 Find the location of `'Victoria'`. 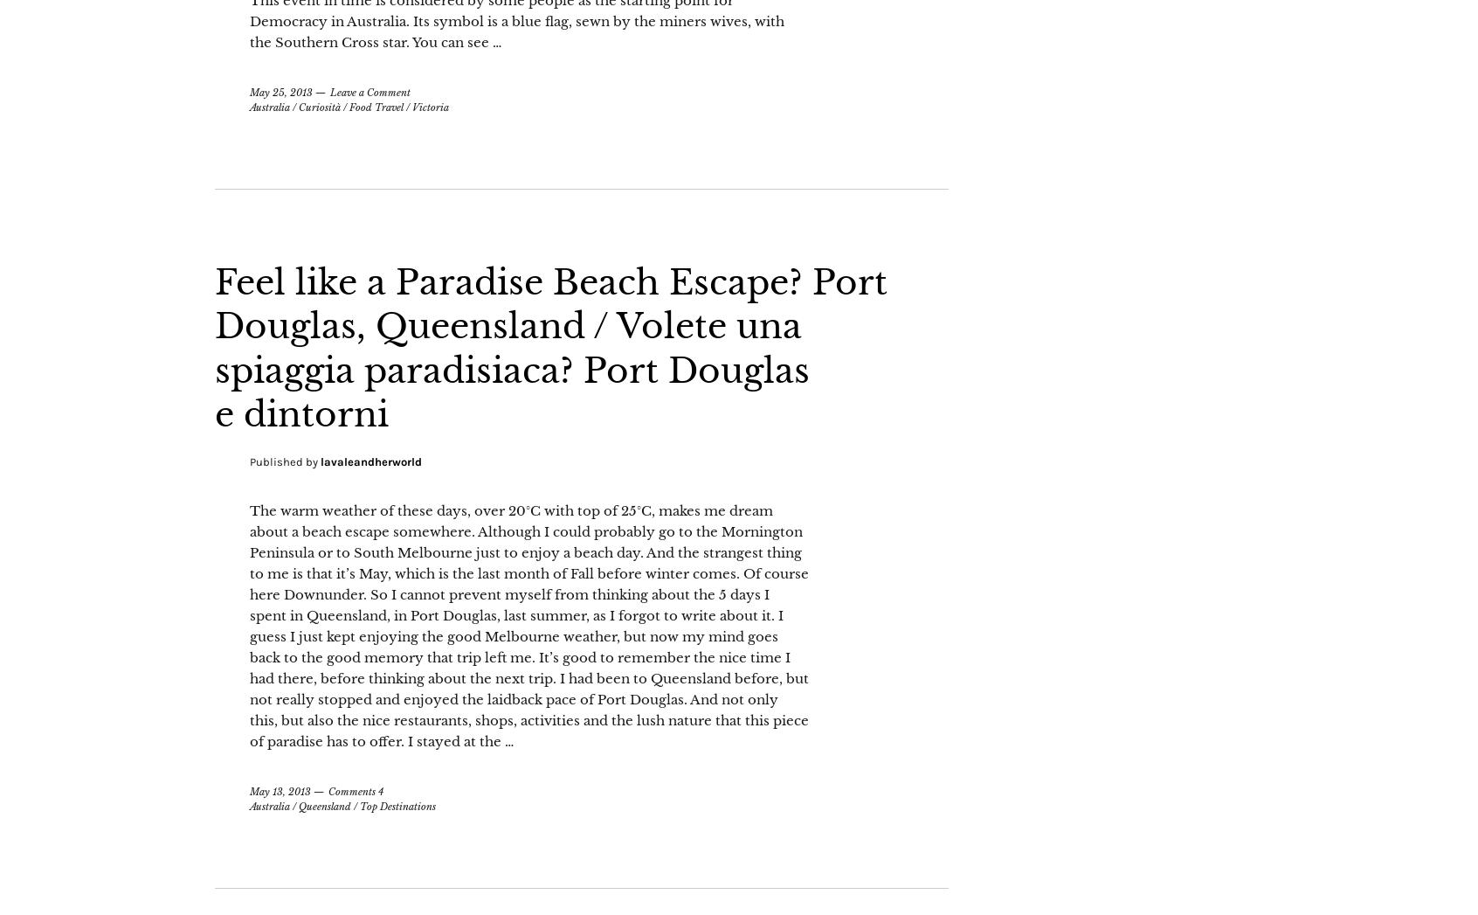

'Victoria' is located at coordinates (411, 150).